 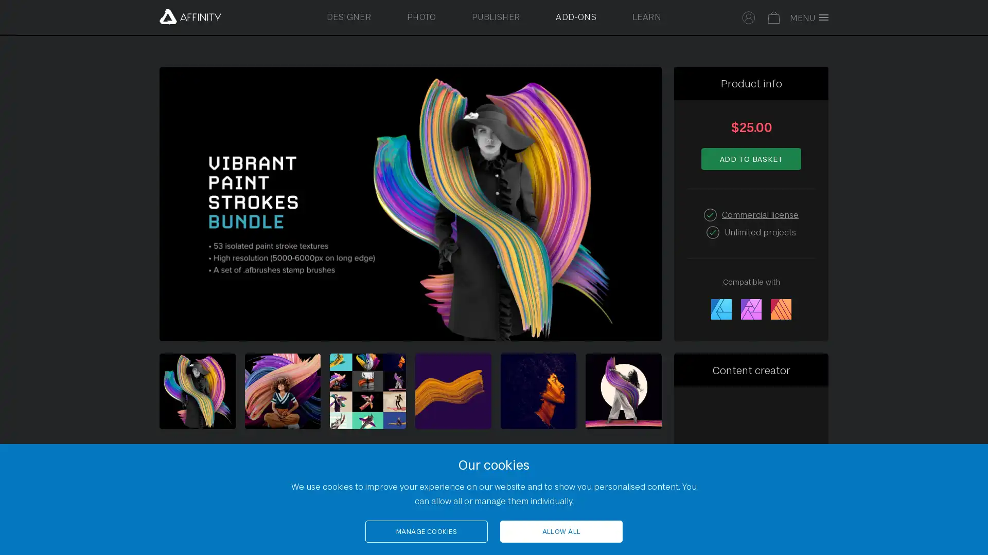 I want to click on Select to view image 4, so click(x=453, y=391).